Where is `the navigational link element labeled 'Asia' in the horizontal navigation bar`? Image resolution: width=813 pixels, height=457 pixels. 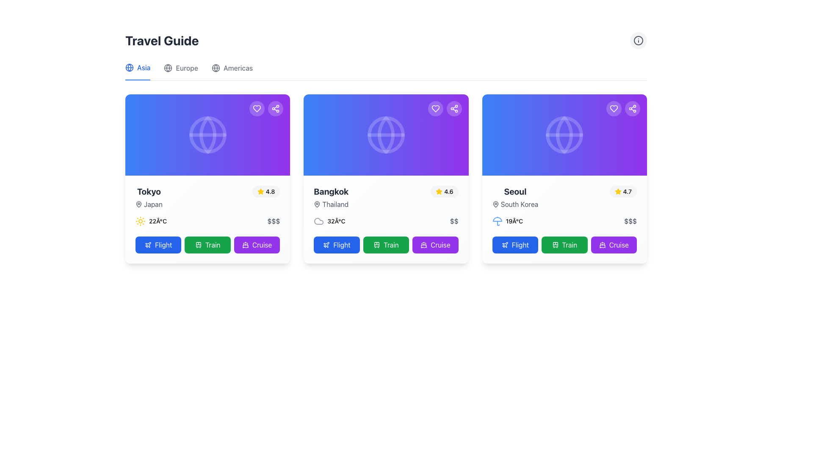
the navigational link element labeled 'Asia' in the horizontal navigation bar is located at coordinates (138, 71).